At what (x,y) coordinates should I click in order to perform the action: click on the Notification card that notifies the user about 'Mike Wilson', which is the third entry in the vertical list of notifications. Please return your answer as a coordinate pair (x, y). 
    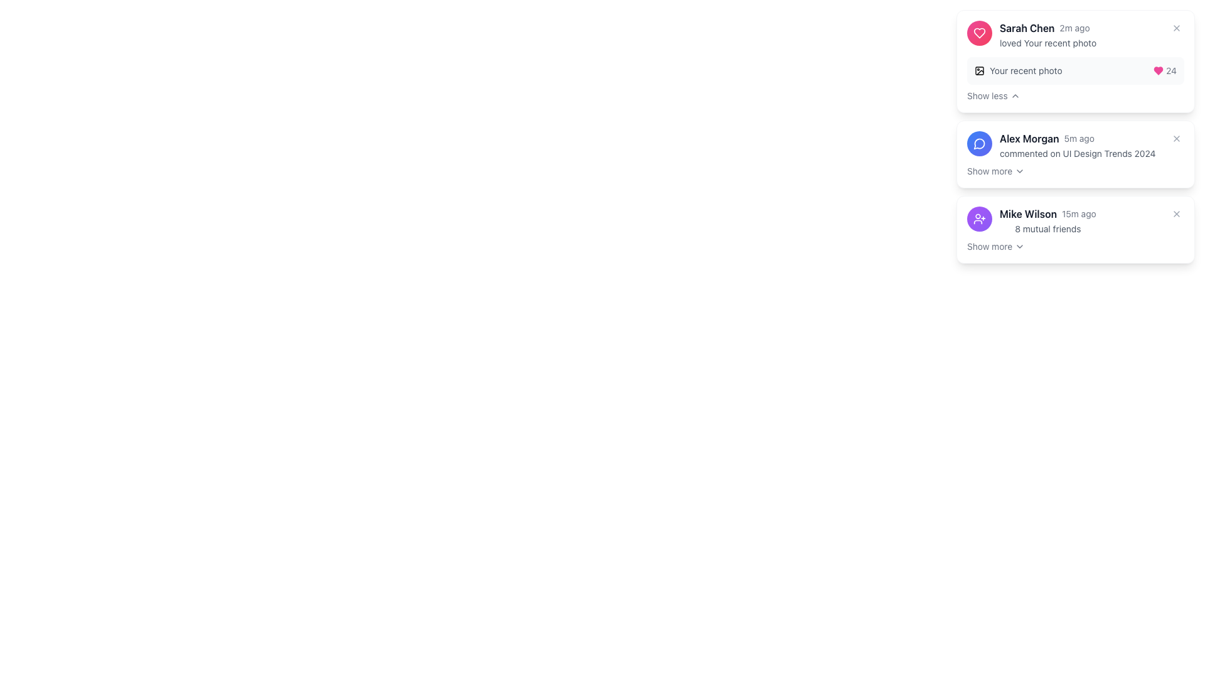
    Looking at the image, I should click on (1031, 220).